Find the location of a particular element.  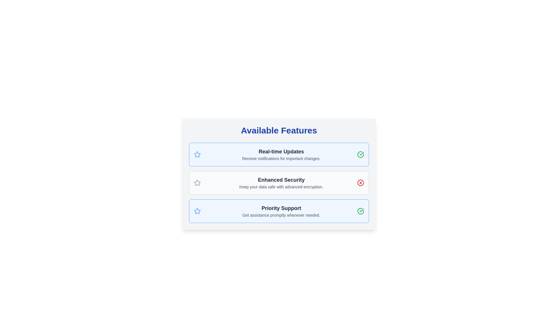

text block titled 'Real-time Updates' that describes the feature with the text 'Receive notifications for important changes.' is located at coordinates (281, 154).